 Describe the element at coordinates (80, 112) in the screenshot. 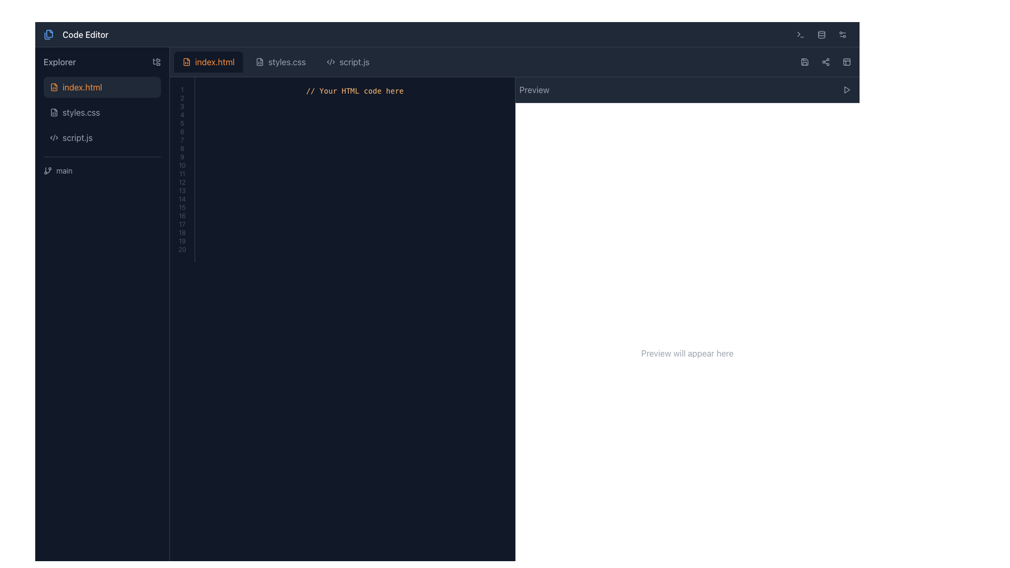

I see `the text label representing the file 'styles.css'` at that location.